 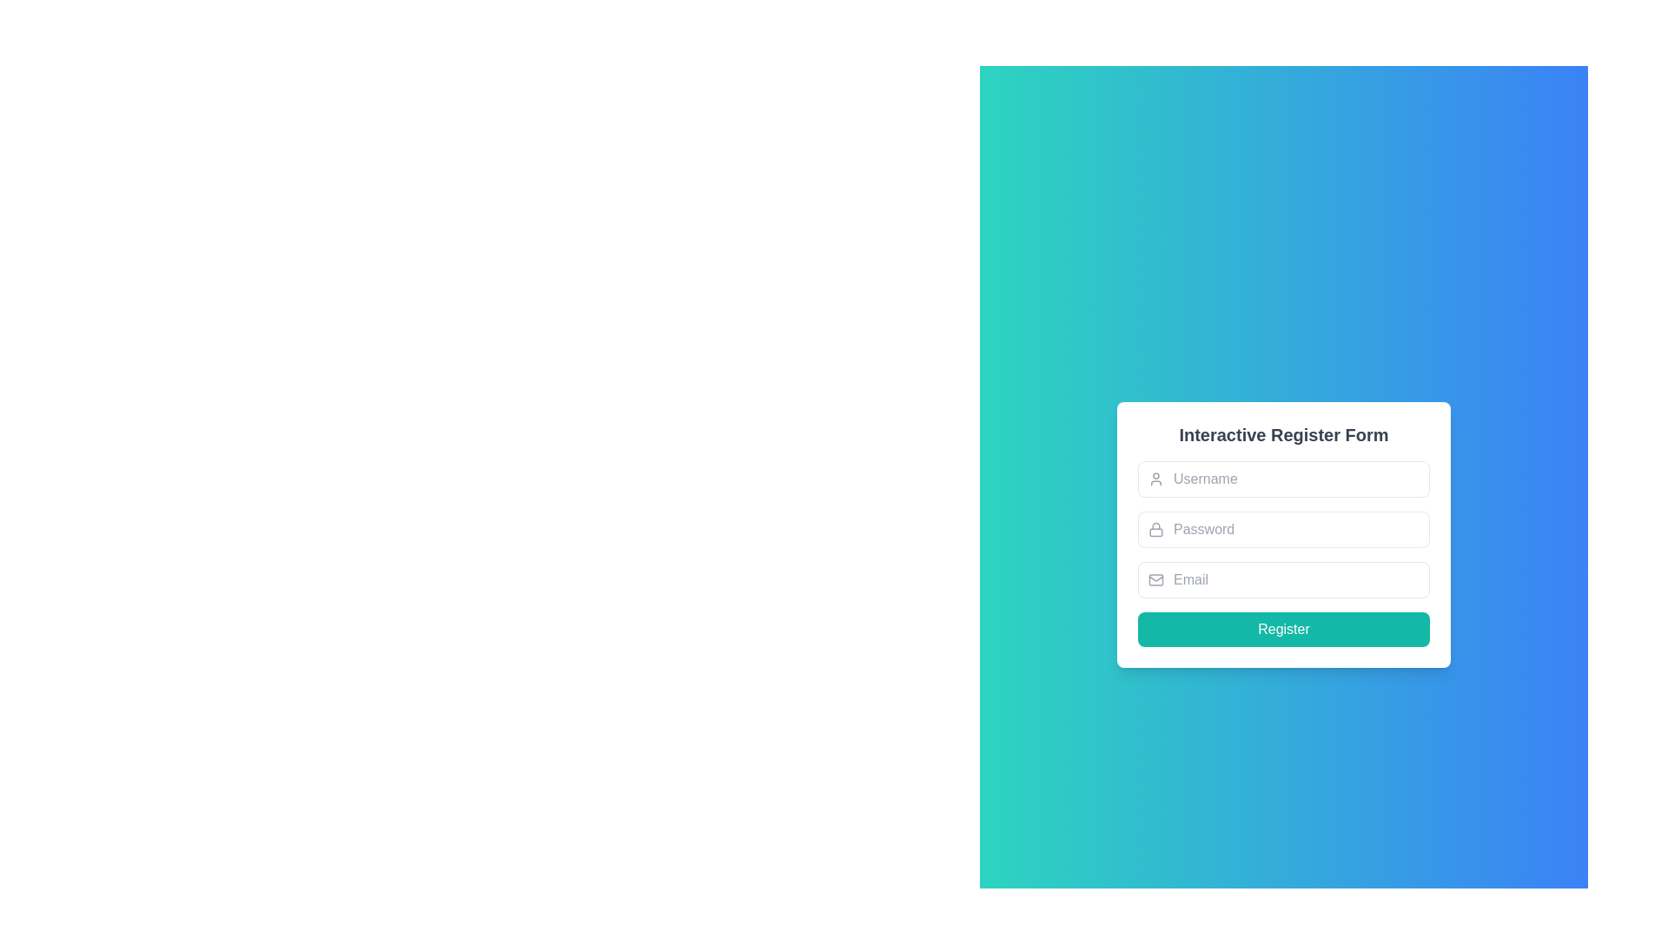 I want to click on the envelope icon located at the top-left corner of the email input field, which serves as a visual indicator for the email input purpose, so click(x=1155, y=579).